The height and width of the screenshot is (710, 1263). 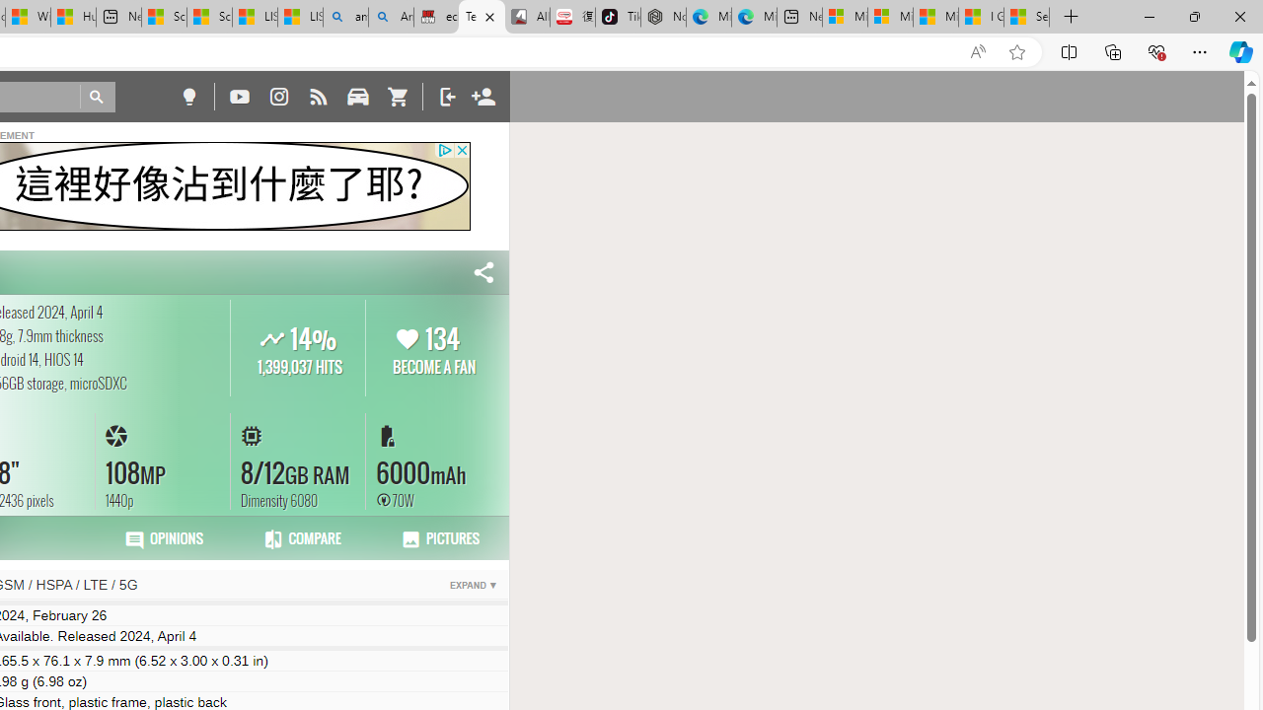 I want to click on 'TikTok', so click(x=617, y=17).